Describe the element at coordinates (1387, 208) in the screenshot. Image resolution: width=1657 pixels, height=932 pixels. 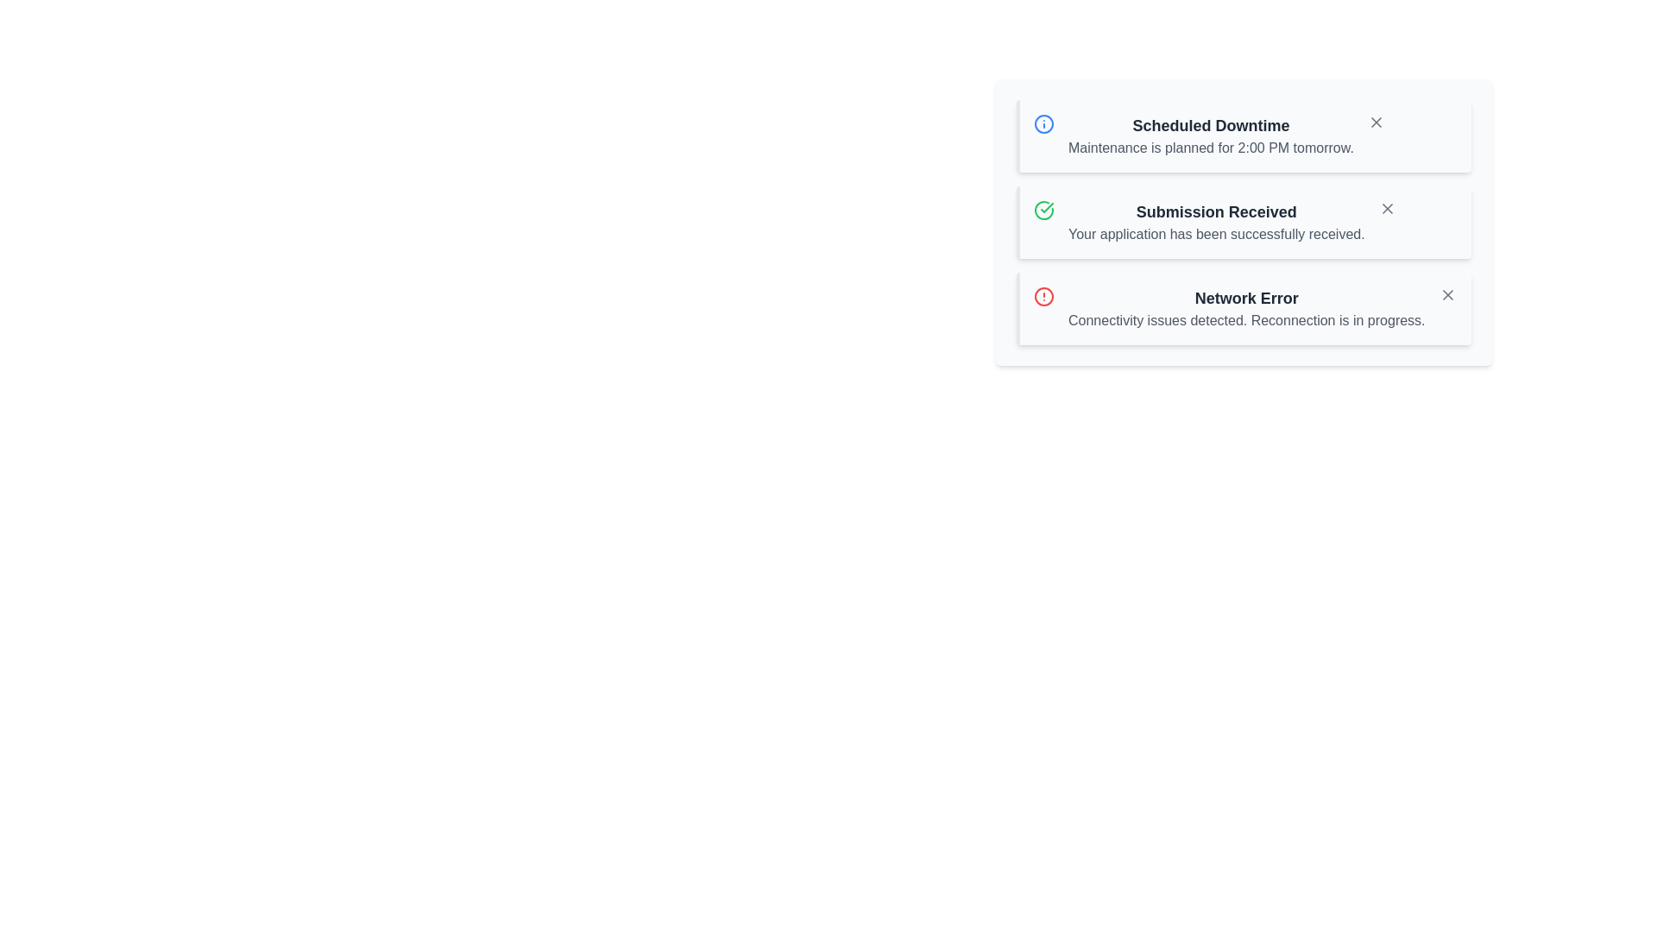
I see `the dismiss button located in the notification box labeled 'Submission Received'` at that location.